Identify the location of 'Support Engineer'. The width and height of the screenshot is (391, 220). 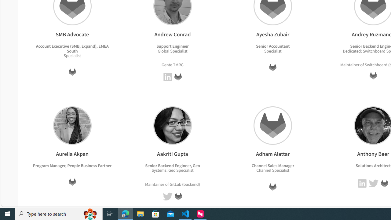
(172, 46).